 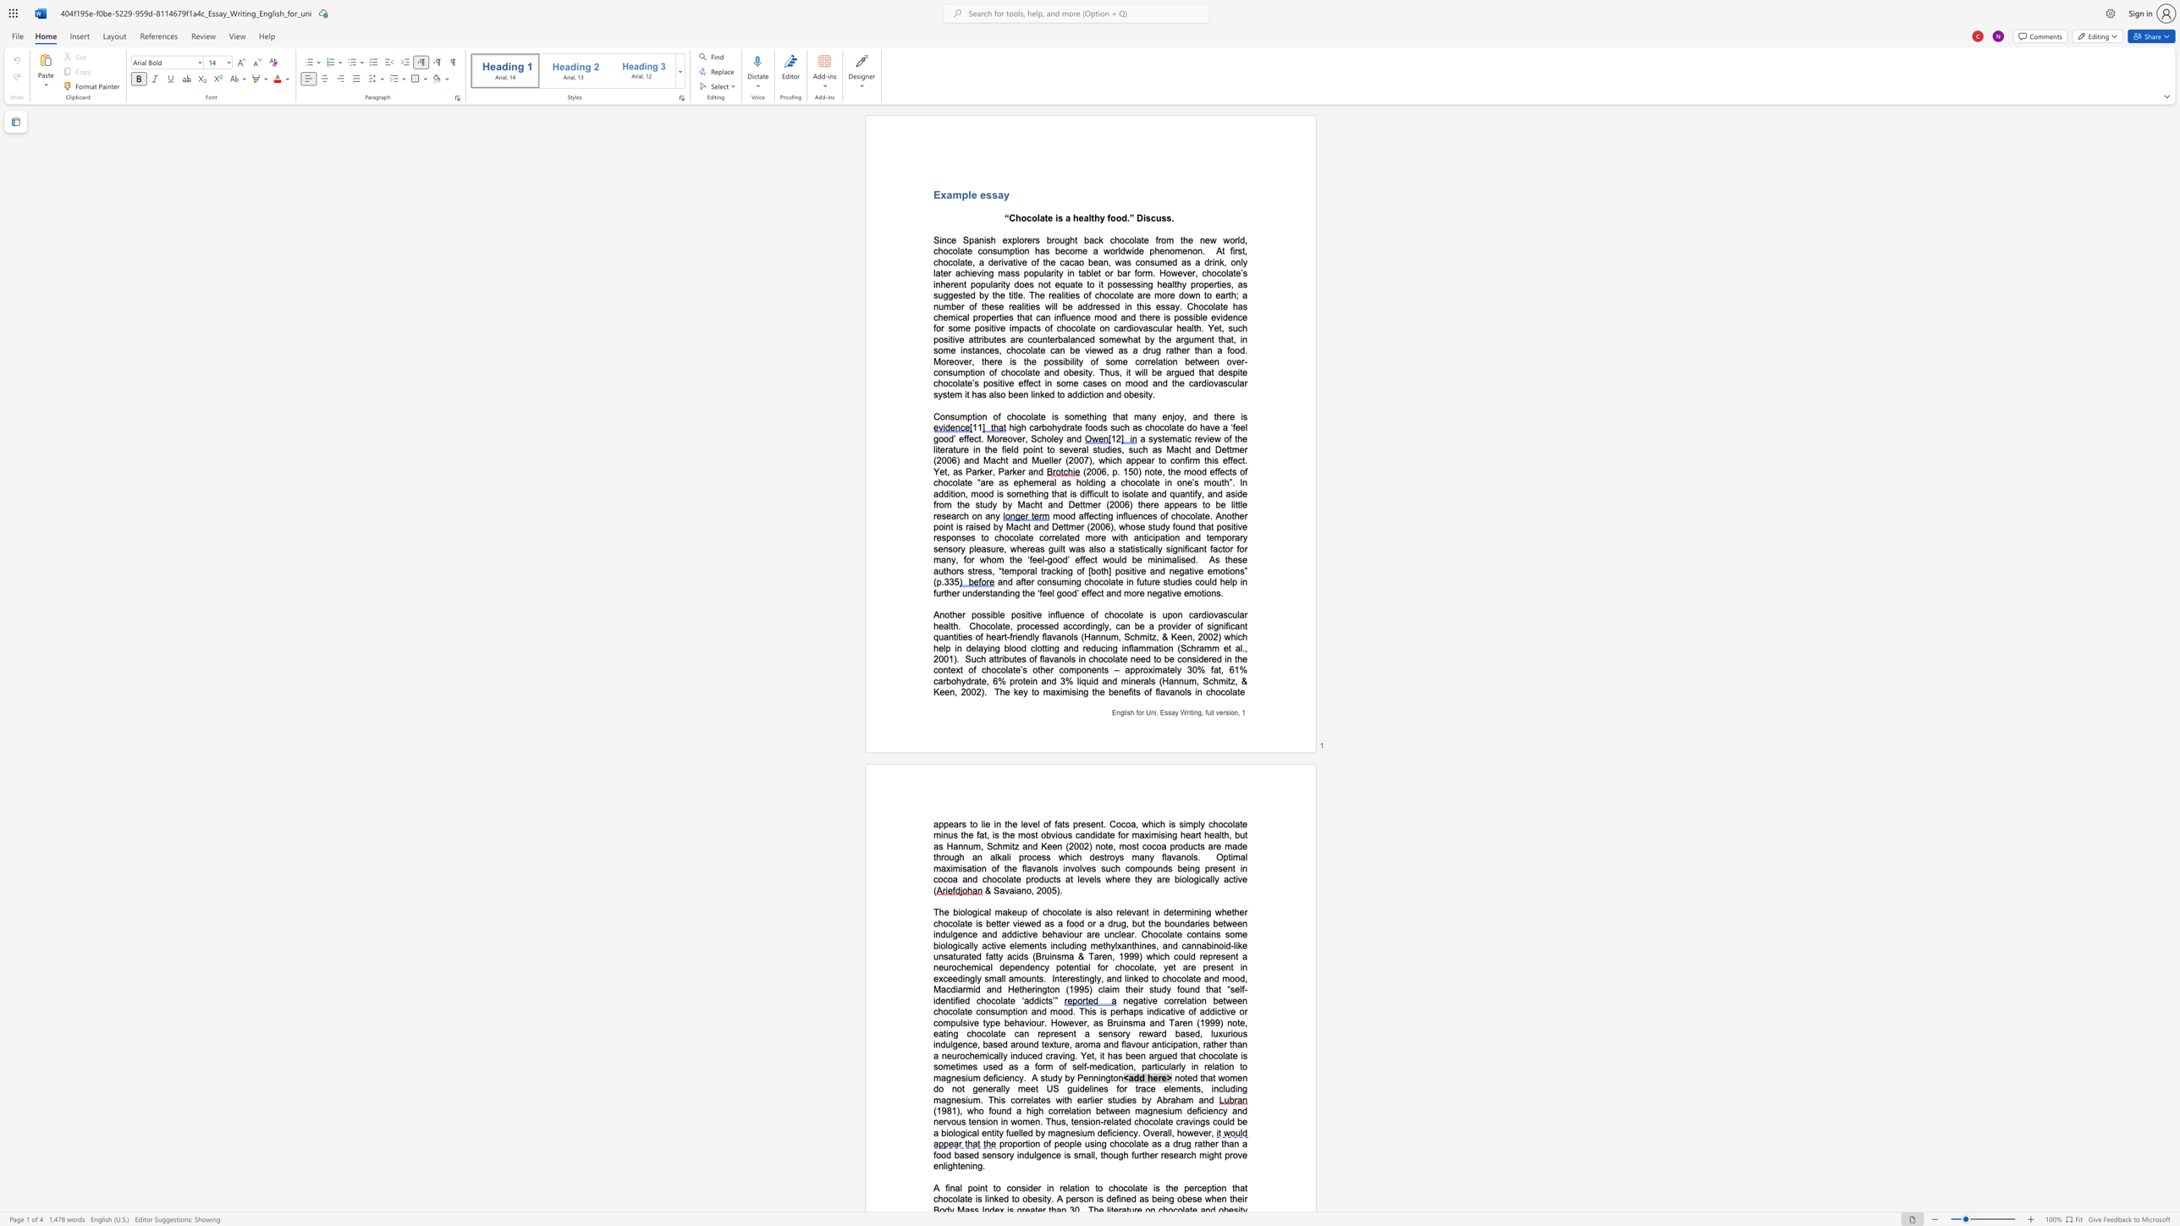 What do you see at coordinates (1034, 426) in the screenshot?
I see `the subset text "arbohydrate foods such as chocolate do have a ‘feel good’ effect. Moreover," within the text "high carbohydrate foods such as chocolate do have a ‘feel good’ effect. Moreover, Scholey and"` at bounding box center [1034, 426].